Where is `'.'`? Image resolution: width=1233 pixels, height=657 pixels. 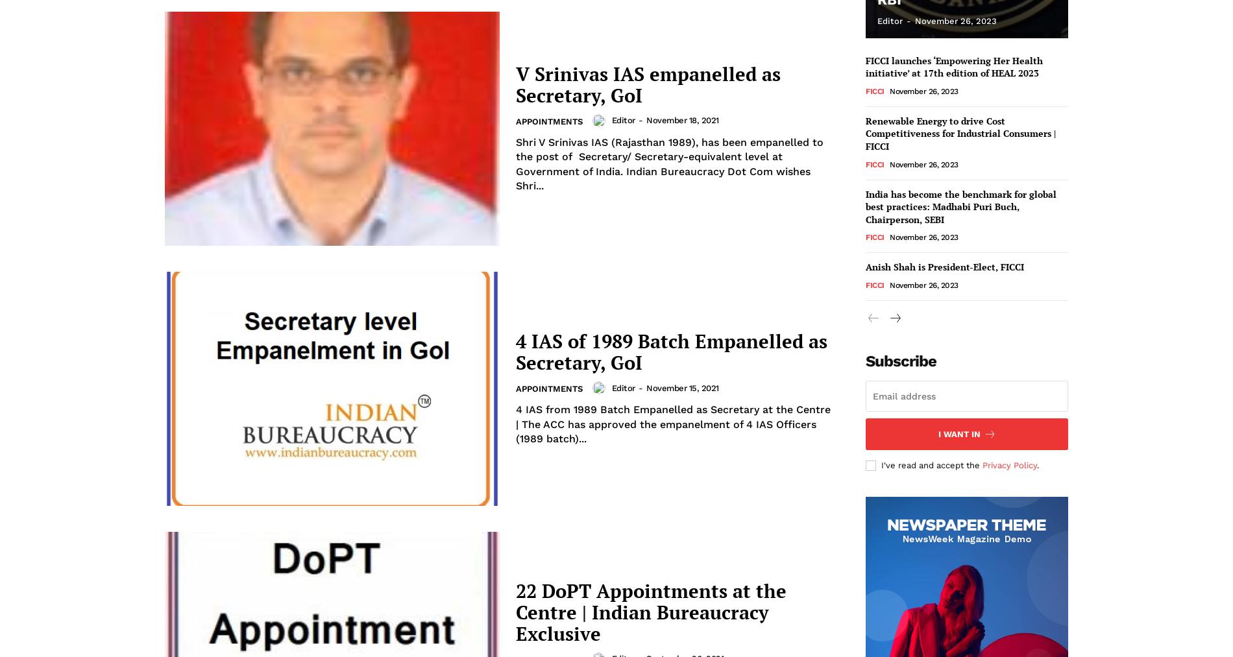 '.' is located at coordinates (1038, 464).